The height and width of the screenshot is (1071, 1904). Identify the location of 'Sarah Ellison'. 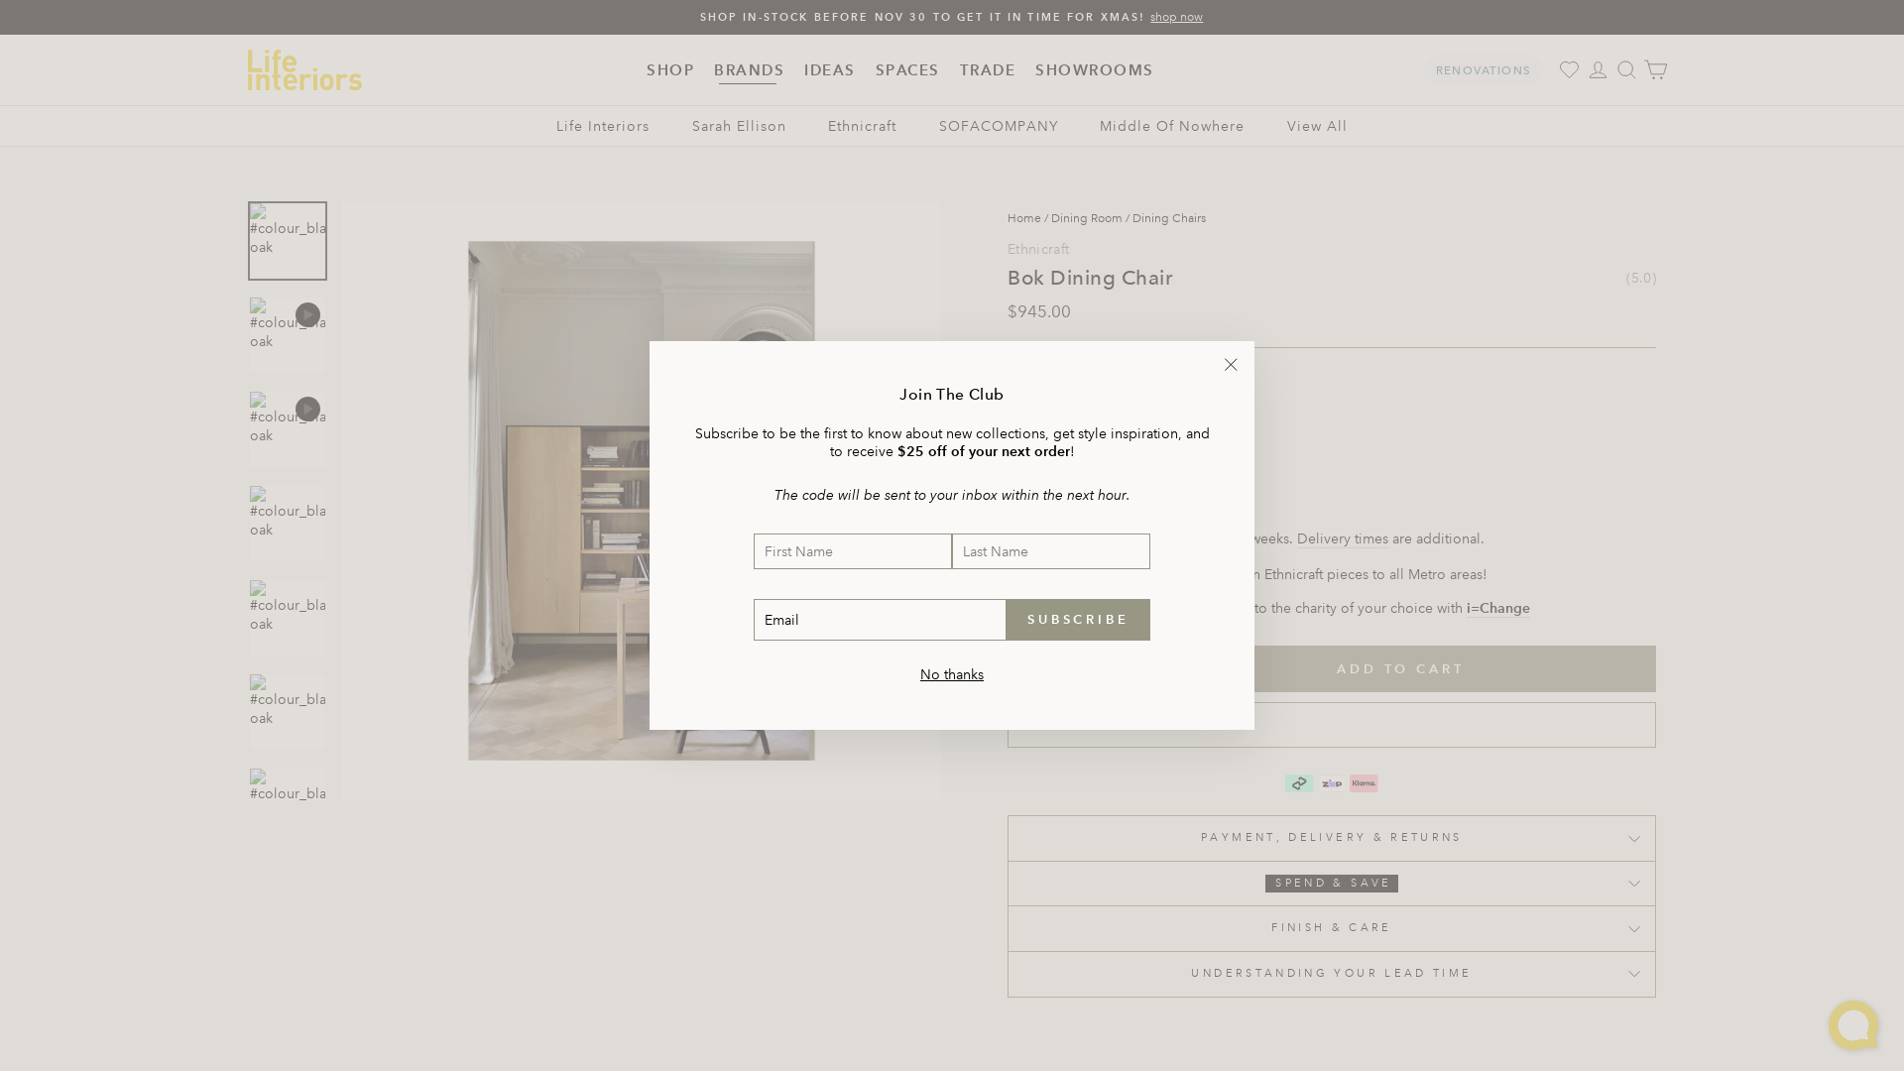
(691, 126).